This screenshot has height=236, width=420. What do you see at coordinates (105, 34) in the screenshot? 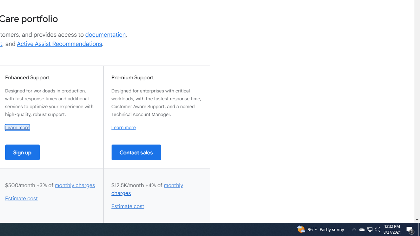
I see `'documentation'` at bounding box center [105, 34].